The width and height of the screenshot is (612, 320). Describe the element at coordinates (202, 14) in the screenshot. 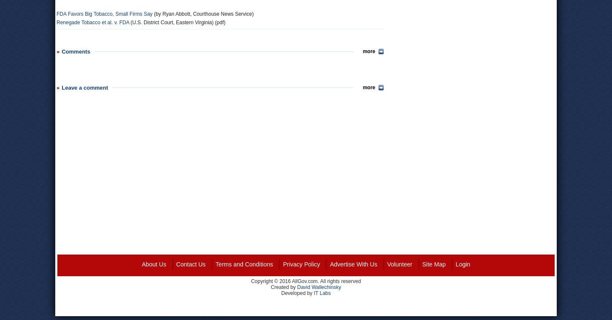

I see `'(by Ryan Abbott, Courthouse News Service)'` at that location.